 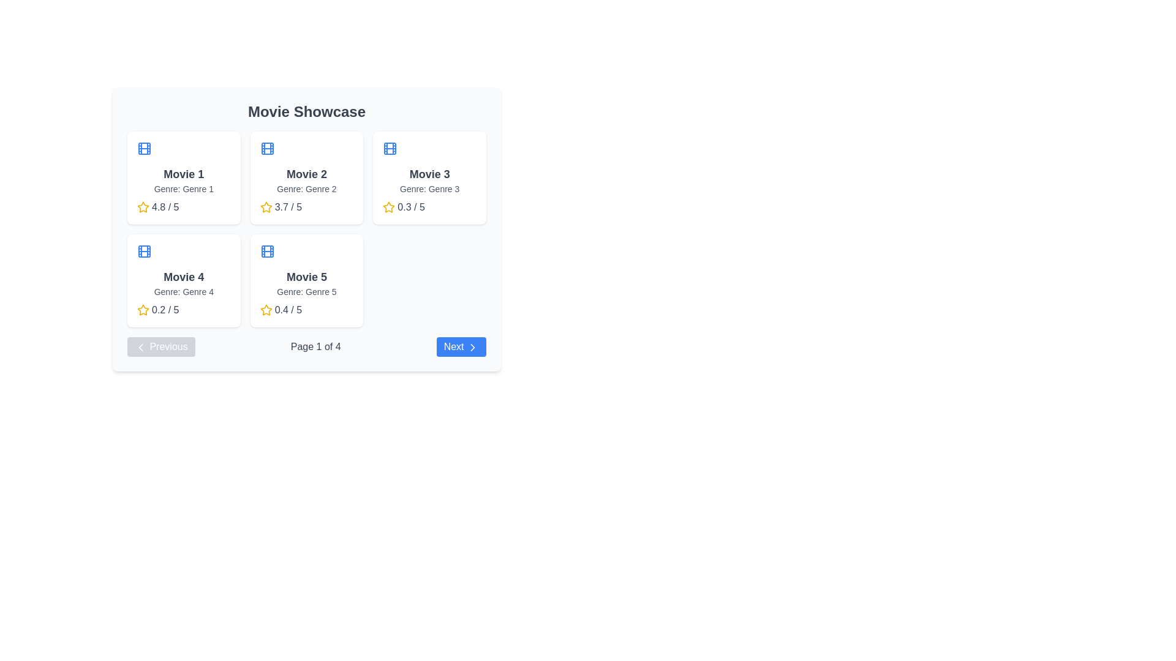 What do you see at coordinates (388, 206) in the screenshot?
I see `the yellow star icon representing the rating for 'Movie 3', located next to the text '0.3 / 5'` at bounding box center [388, 206].